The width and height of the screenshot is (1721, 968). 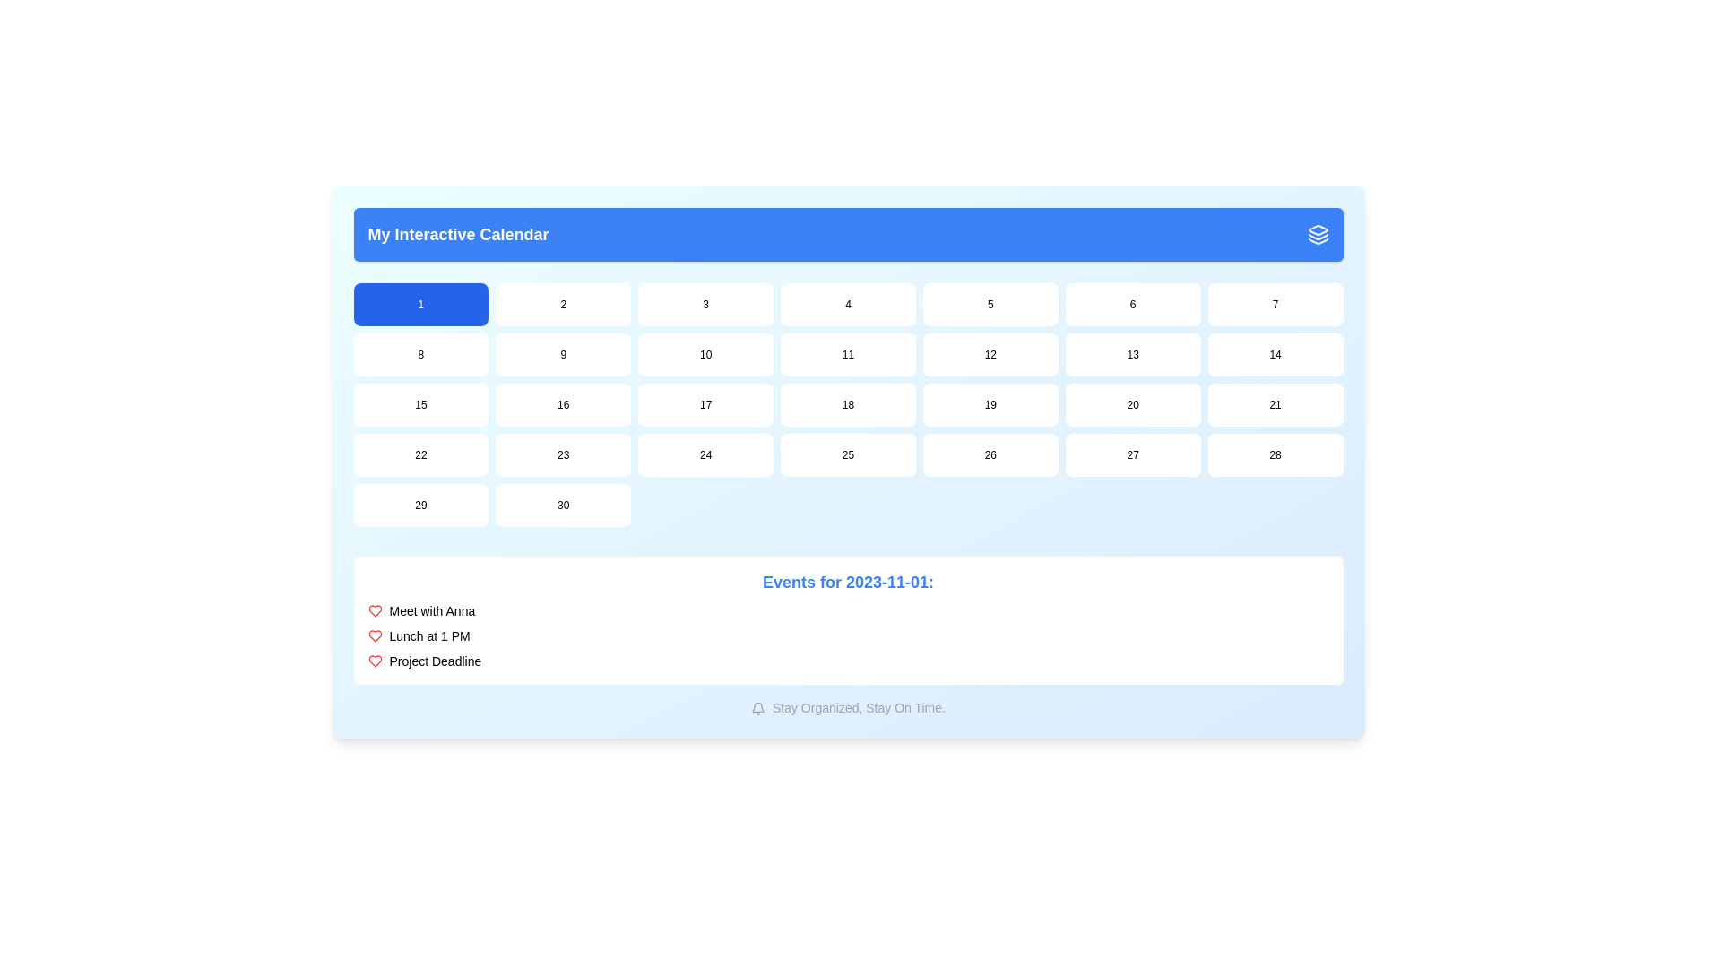 I want to click on the button displaying the number '18', which has a white background and rounded corners, so click(x=847, y=404).